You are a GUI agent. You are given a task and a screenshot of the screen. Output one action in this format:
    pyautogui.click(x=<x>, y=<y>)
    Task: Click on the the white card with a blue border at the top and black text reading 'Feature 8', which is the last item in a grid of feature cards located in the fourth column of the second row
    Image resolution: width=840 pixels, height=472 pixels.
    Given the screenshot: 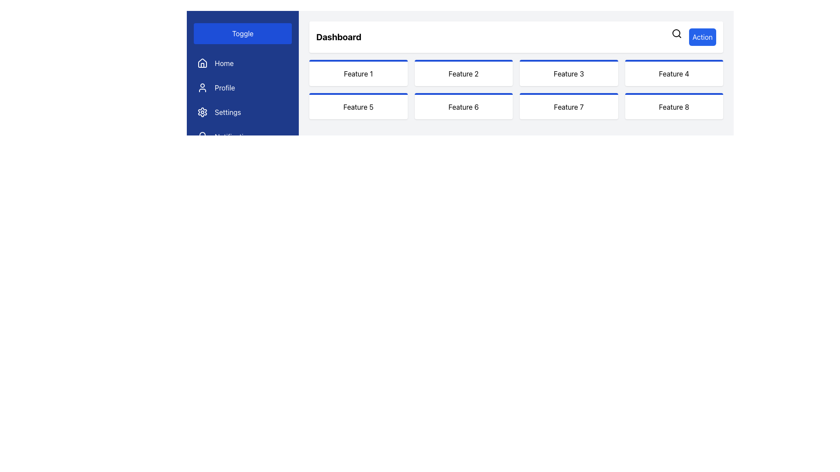 What is the action you would take?
    pyautogui.click(x=673, y=106)
    